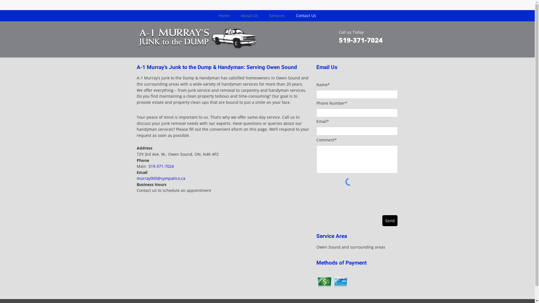  I want to click on 'About Us', so click(249, 15).